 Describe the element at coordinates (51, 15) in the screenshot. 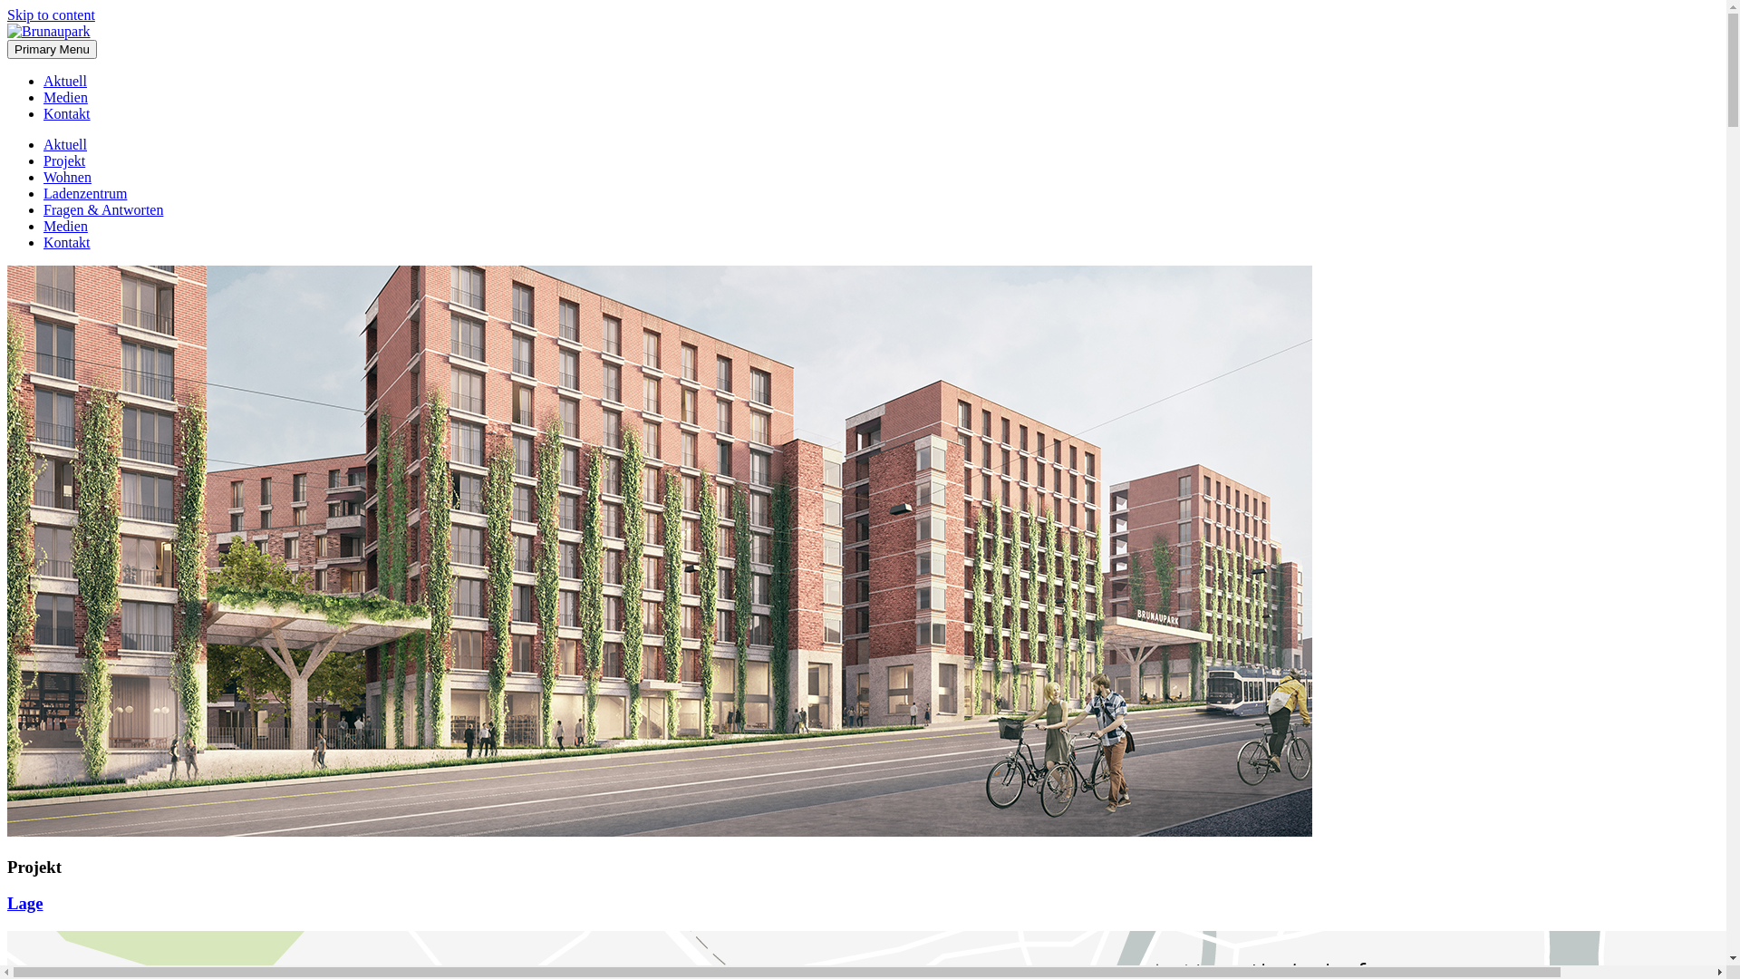

I see `'Skip to content'` at that location.